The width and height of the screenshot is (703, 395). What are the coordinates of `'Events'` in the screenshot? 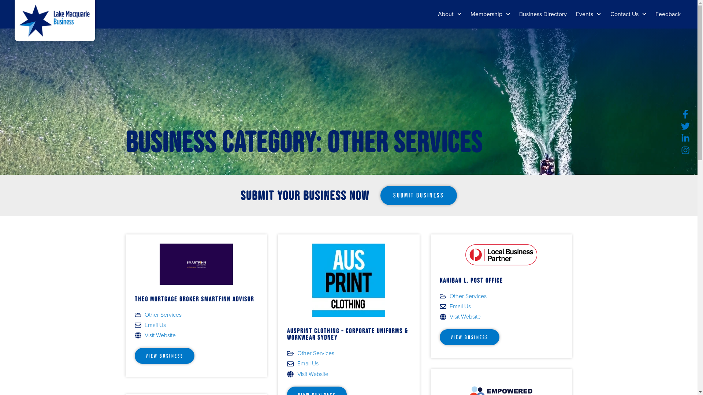 It's located at (588, 14).